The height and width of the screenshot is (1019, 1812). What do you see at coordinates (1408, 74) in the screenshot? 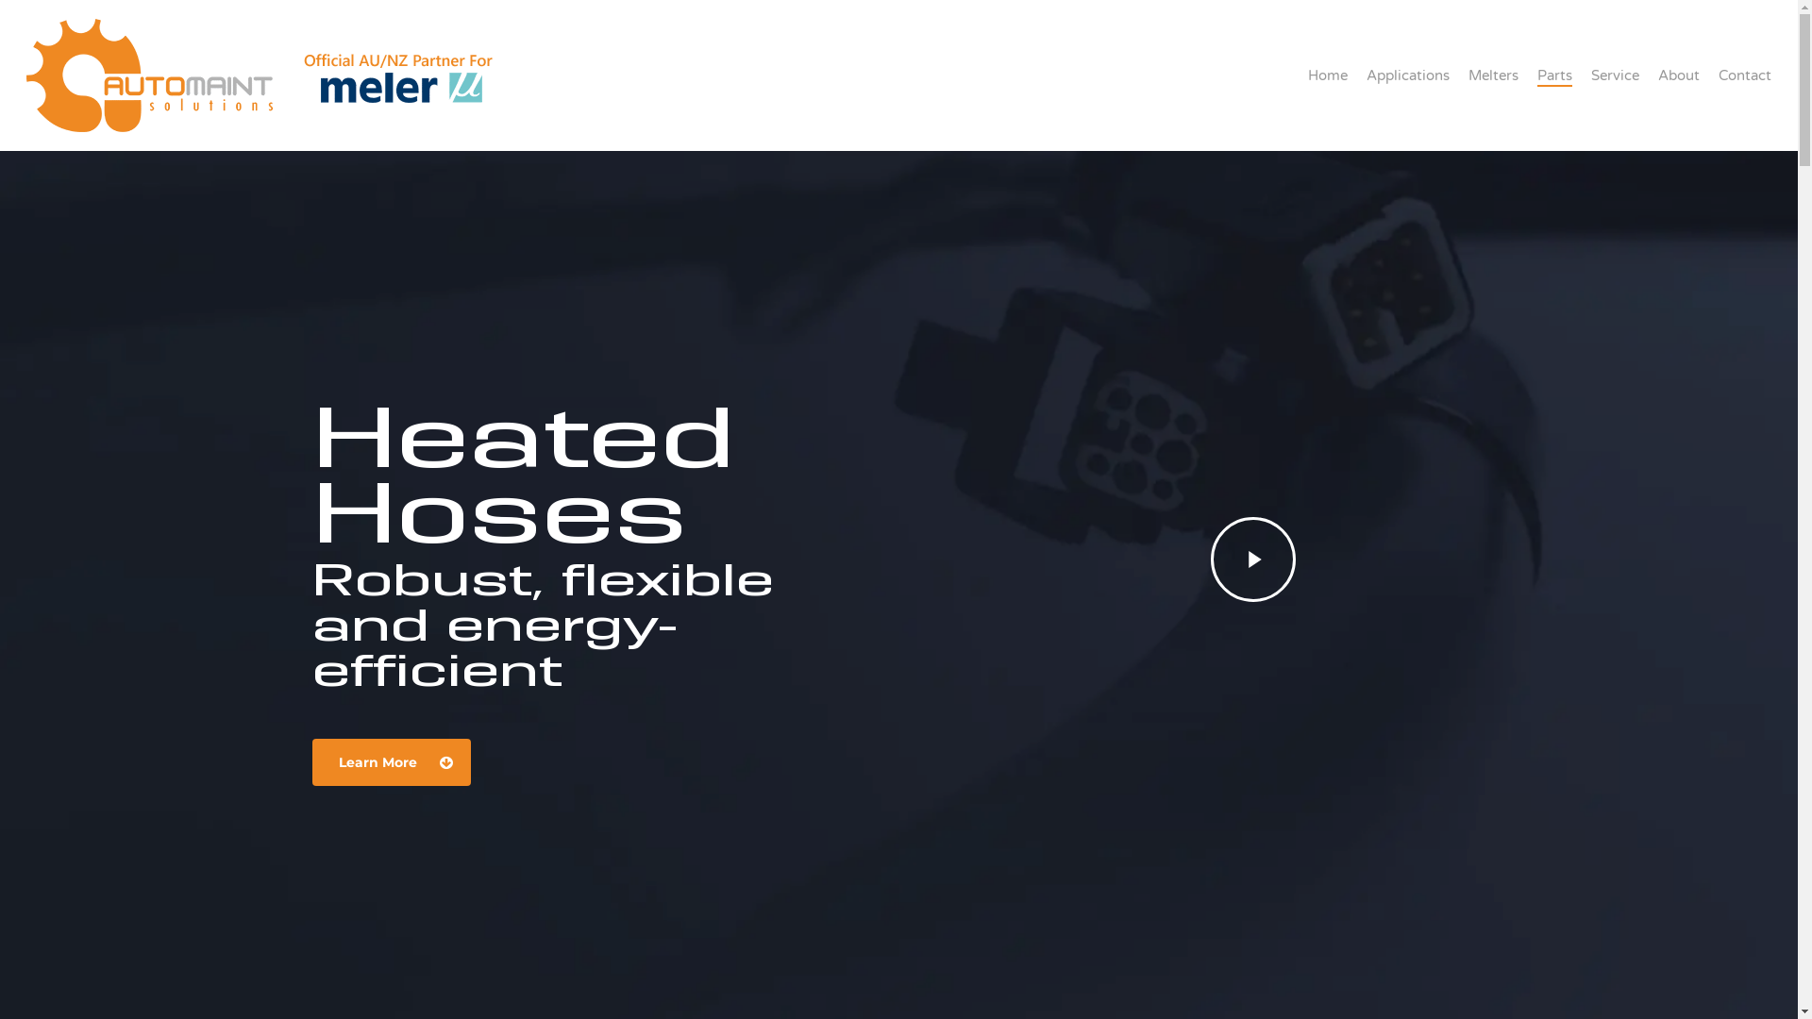
I see `'Applications'` at bounding box center [1408, 74].